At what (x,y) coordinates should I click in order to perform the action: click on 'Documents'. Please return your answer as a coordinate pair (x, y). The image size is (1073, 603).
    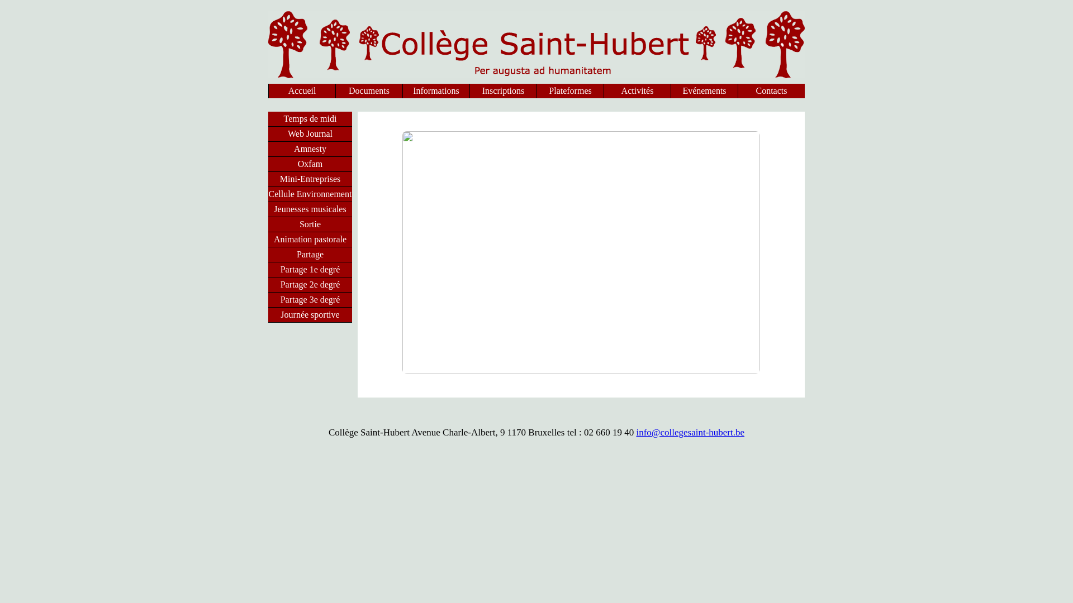
    Looking at the image, I should click on (369, 90).